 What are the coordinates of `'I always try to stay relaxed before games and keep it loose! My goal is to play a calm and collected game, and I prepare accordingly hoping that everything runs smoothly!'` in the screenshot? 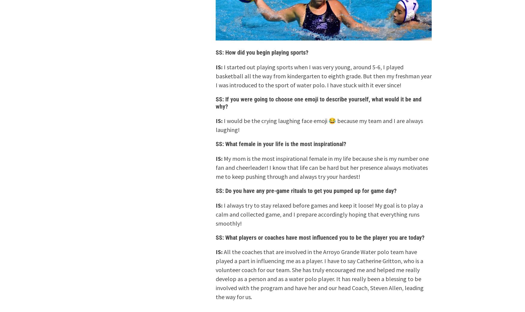 It's located at (319, 214).